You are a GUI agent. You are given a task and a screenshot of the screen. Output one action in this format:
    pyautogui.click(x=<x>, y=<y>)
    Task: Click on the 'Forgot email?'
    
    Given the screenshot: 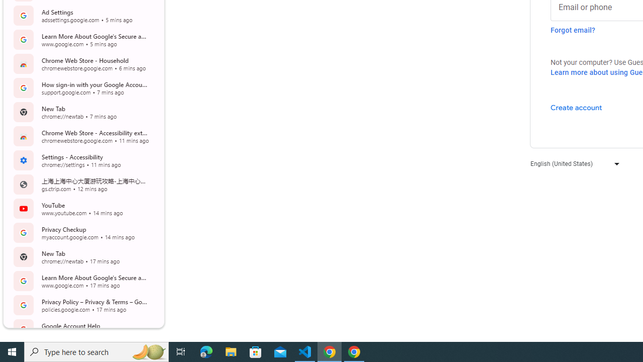 What is the action you would take?
    pyautogui.click(x=573, y=30)
    